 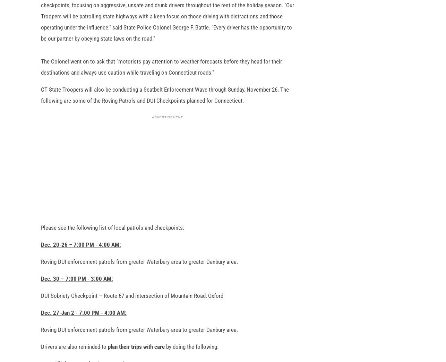 I want to click on 'Drivers are also reminded to', so click(x=41, y=351).